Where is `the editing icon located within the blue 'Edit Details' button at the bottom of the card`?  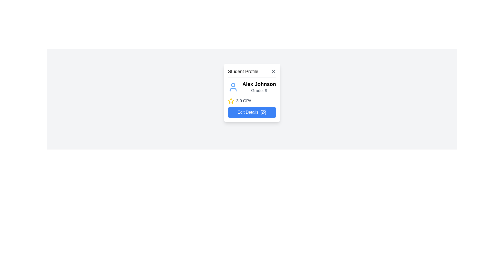 the editing icon located within the blue 'Edit Details' button at the bottom of the card is located at coordinates (263, 112).